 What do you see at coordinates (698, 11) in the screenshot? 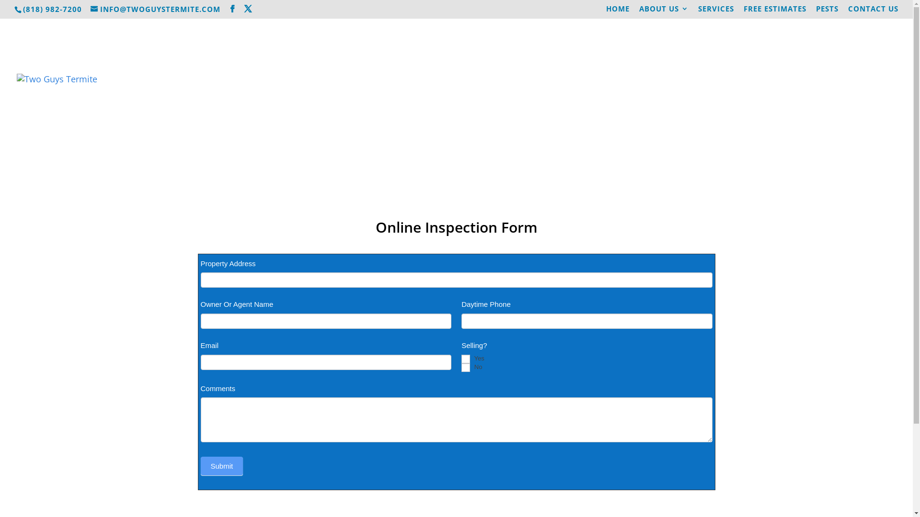
I see `'SERVICES'` at bounding box center [698, 11].